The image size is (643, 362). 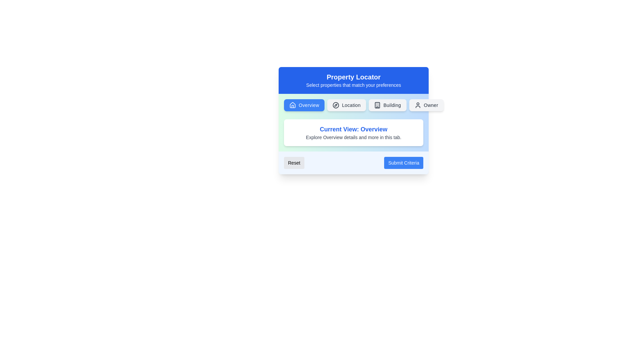 What do you see at coordinates (353, 137) in the screenshot?
I see `the static text that says 'Explore Overview details and more in this tab.', which is located beneath the header 'Current View: Overview.'` at bounding box center [353, 137].